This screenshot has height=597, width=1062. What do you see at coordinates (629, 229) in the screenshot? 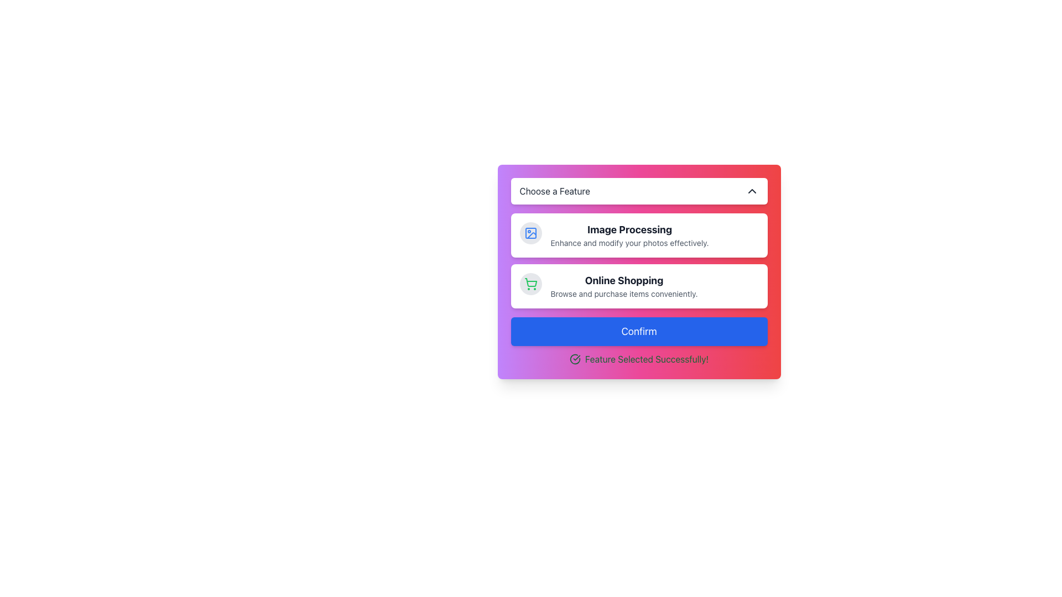
I see `the 'Image Processing' text label, which is a bold, black heading located above the descriptive text 'Enhance and modify your photos effectively.'` at bounding box center [629, 229].